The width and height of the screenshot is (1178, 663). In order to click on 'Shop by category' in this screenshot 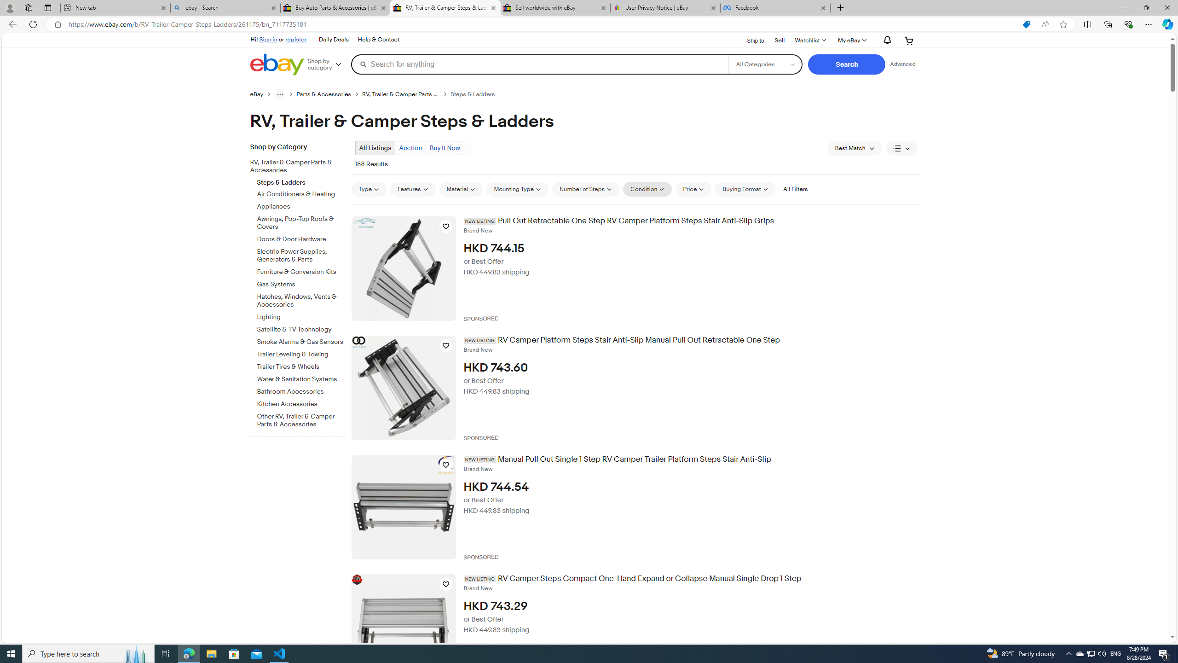, I will do `click(328, 64)`.